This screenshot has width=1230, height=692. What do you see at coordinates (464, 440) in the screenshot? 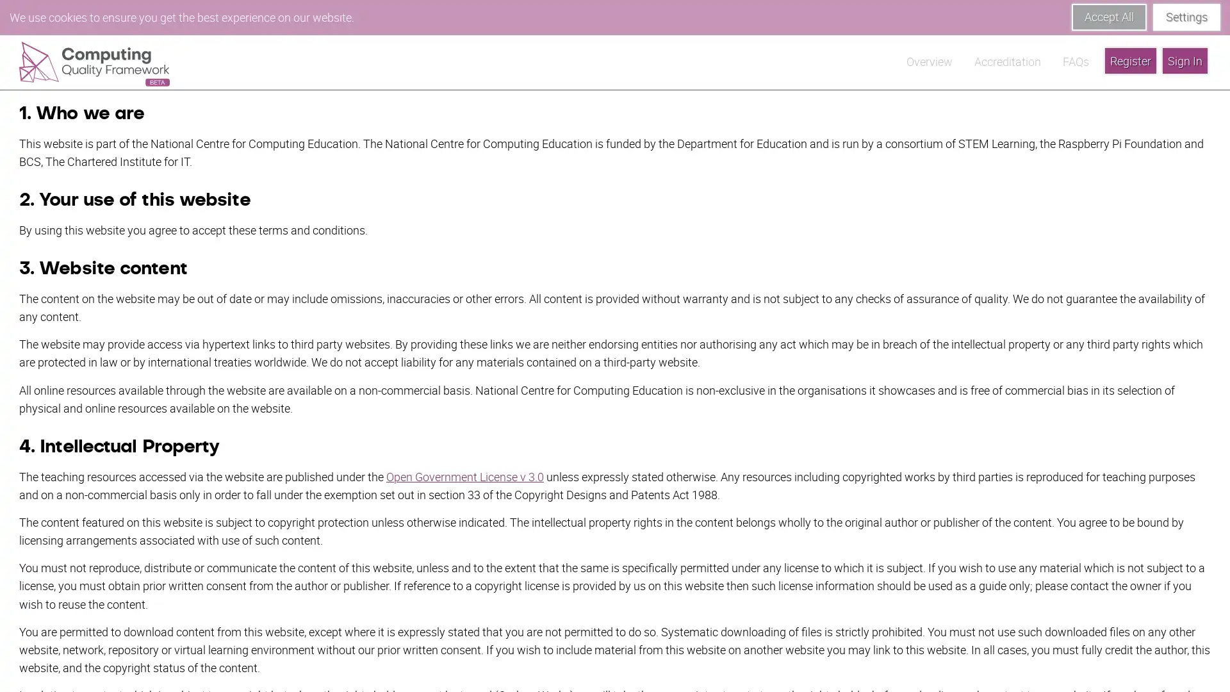
I see `Open Government License v 3.0` at bounding box center [464, 440].